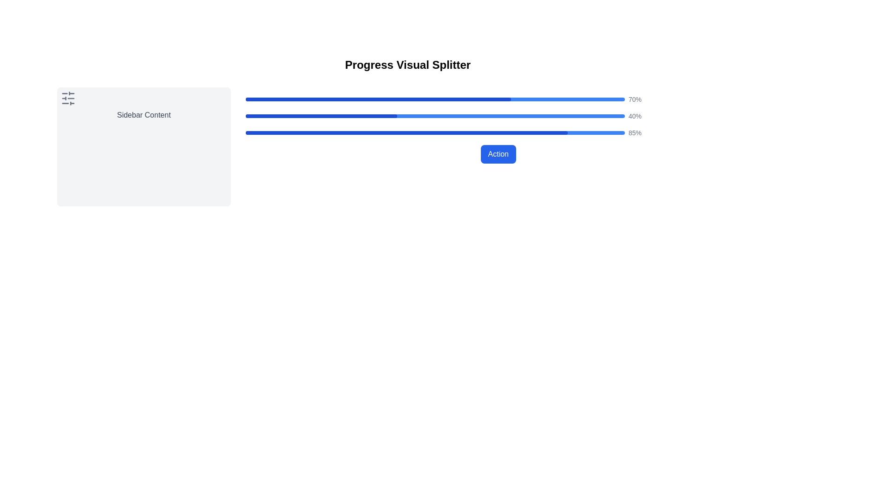 Image resolution: width=892 pixels, height=502 pixels. What do you see at coordinates (498, 99) in the screenshot?
I see `the Progress Bar that has a blue fill indicating 70% progress and a numerical label displaying '70%', located in the central right portion of the interface` at bounding box center [498, 99].